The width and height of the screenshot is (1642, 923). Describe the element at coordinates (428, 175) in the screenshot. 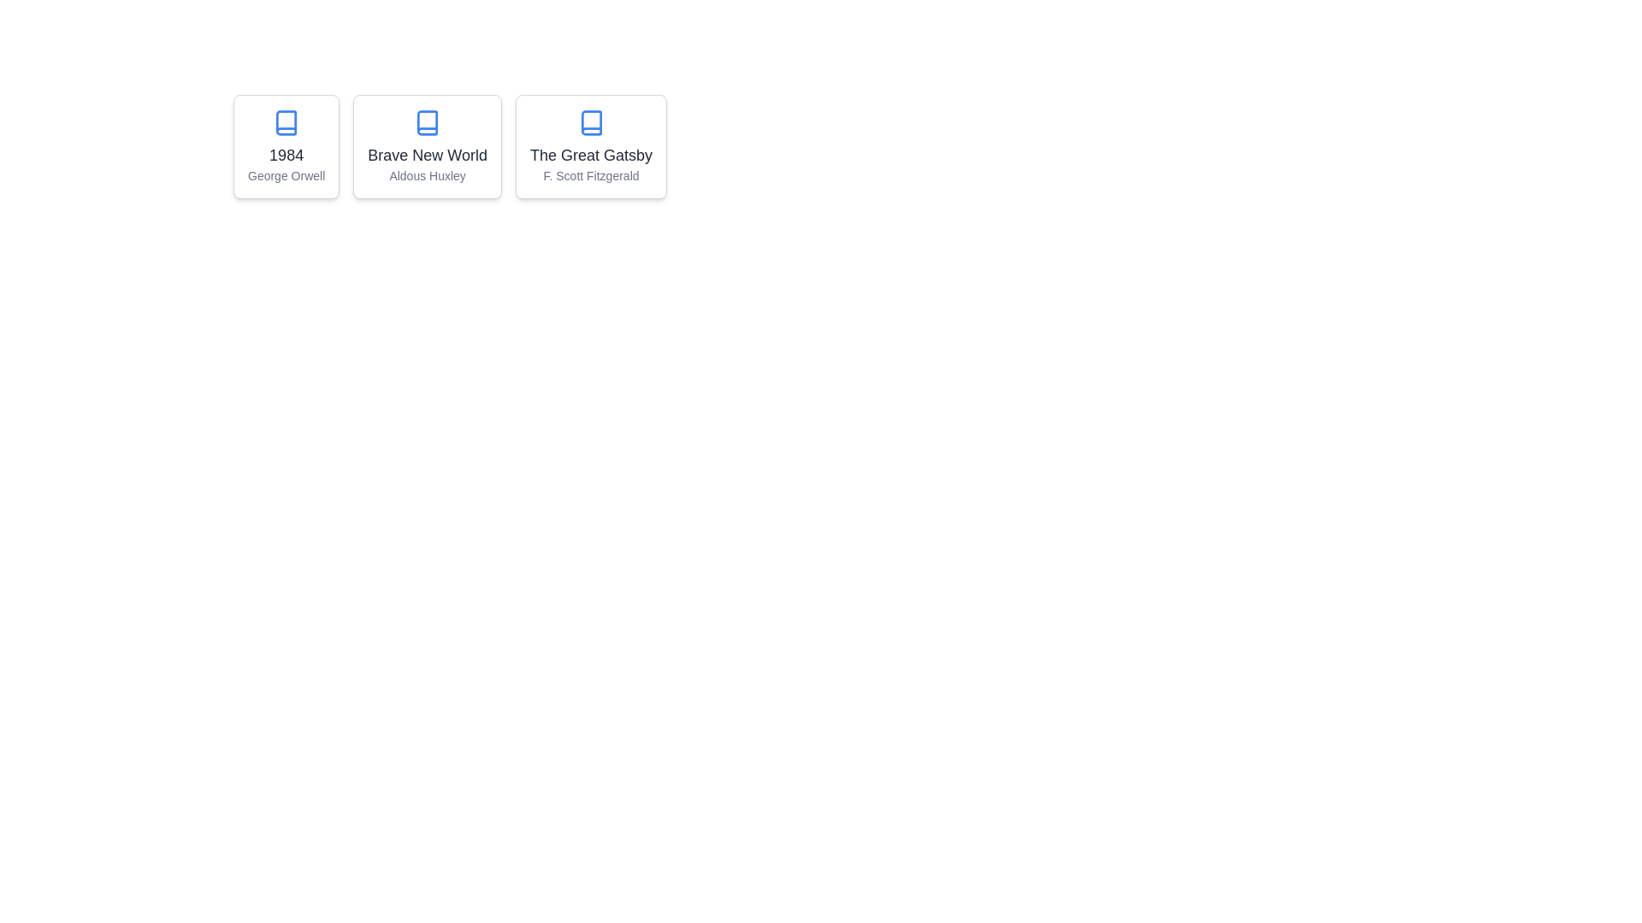

I see `the text label displaying 'Aldous Huxley', which is positioned below 'Brave New World' in the second card of a three-card layout` at that location.